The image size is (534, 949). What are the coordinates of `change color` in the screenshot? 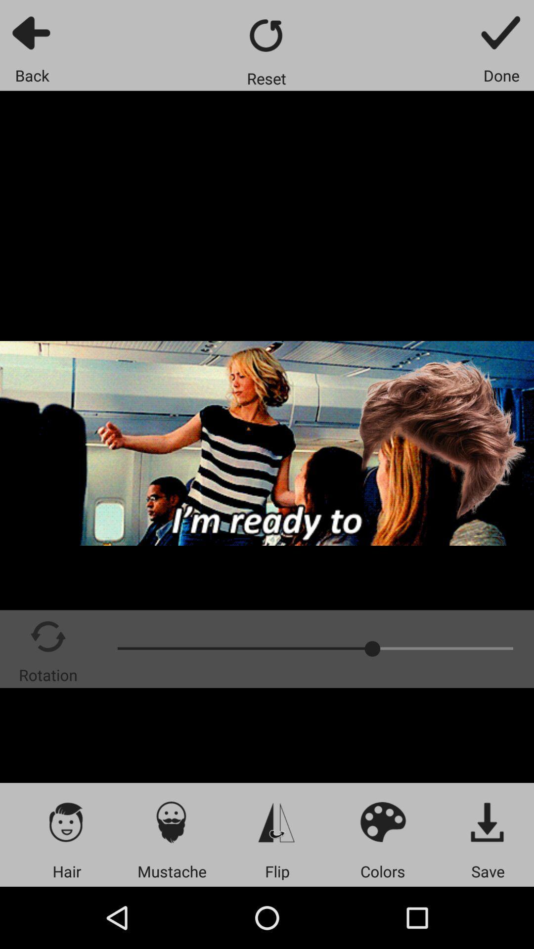 It's located at (382, 821).